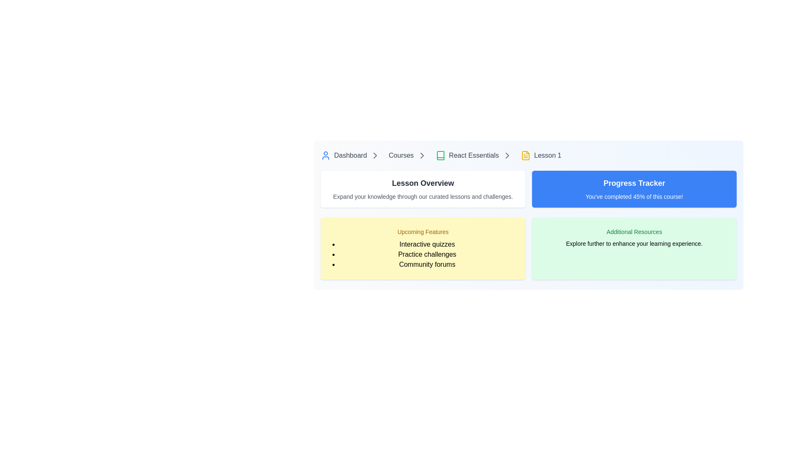 This screenshot has width=805, height=453. What do you see at coordinates (427, 254) in the screenshot?
I see `the Text label displaying 'Practice challenges' in the vertical bullet-point list on the yellow-tinted card labeled 'Upcoming Features'` at bounding box center [427, 254].